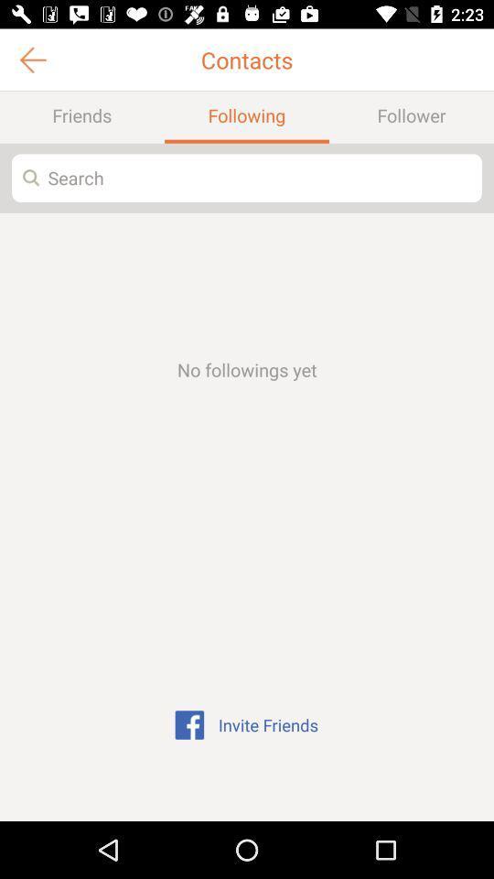 Image resolution: width=494 pixels, height=879 pixels. Describe the element at coordinates (247, 178) in the screenshot. I see `search option` at that location.